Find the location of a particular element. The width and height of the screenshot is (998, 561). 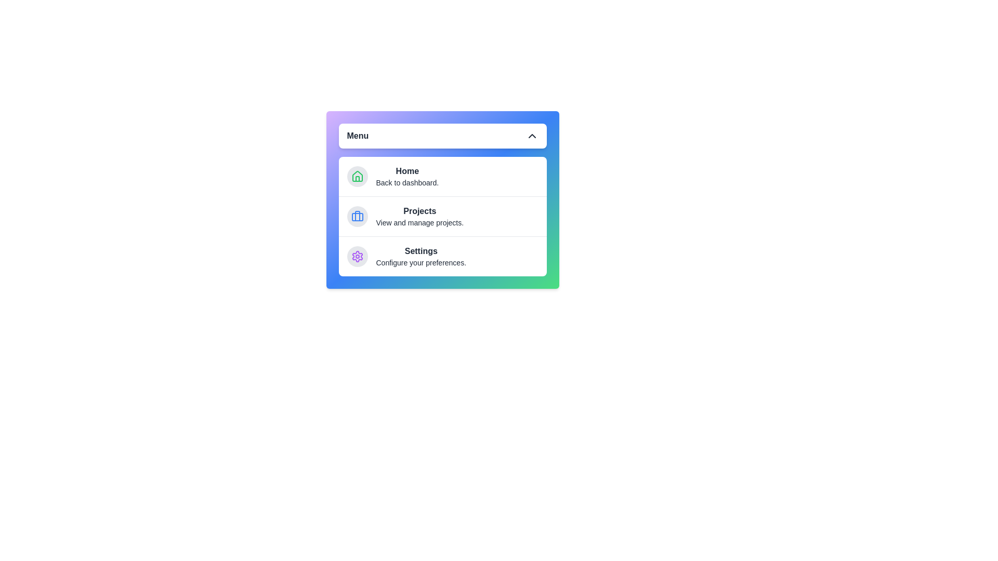

the menu item Home to see its hover effect is located at coordinates (442, 176).